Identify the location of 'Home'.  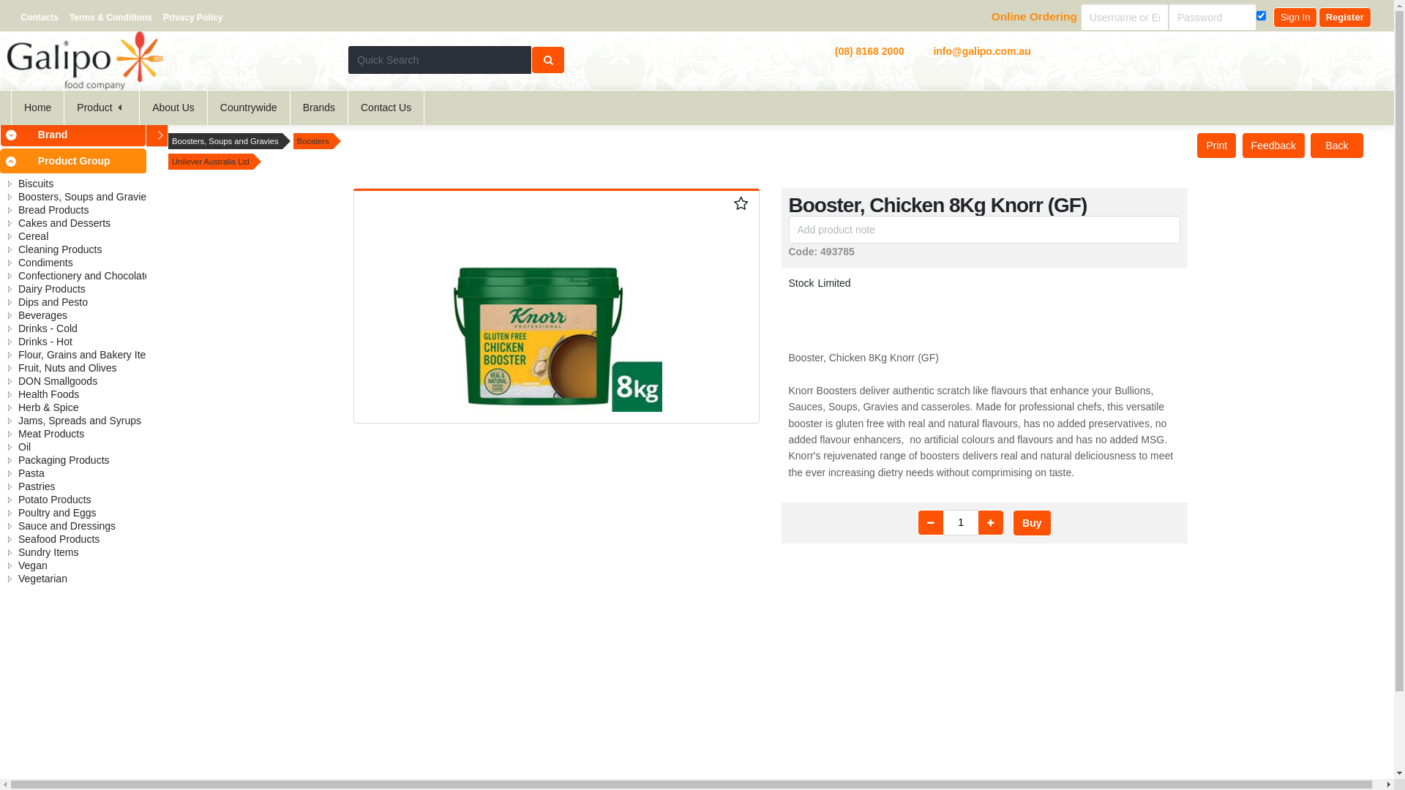
(37, 106).